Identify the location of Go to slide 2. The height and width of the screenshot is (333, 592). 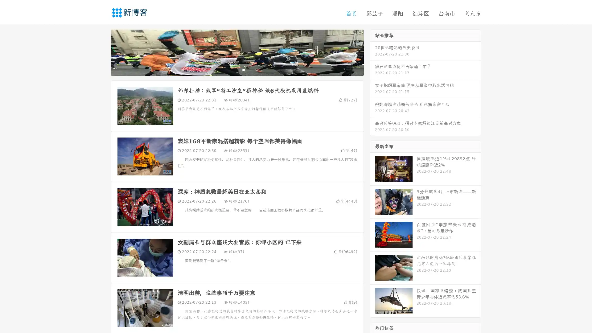
(237, 69).